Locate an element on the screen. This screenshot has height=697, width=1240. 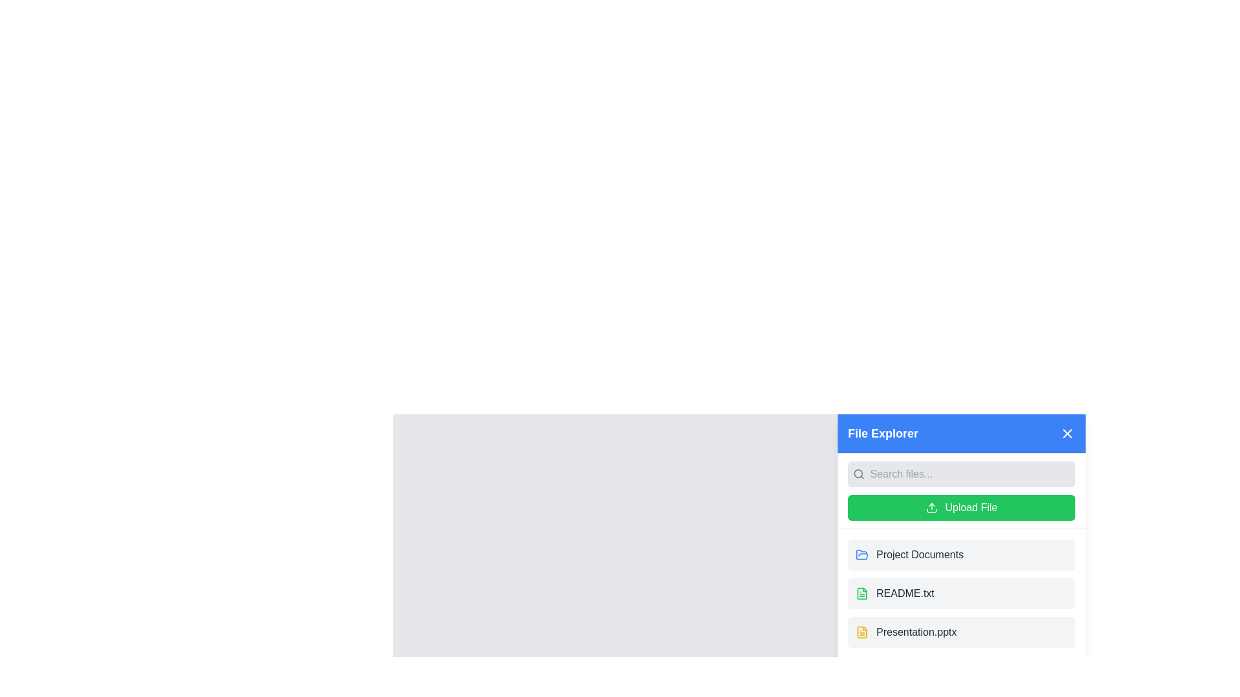
the text label 'Presentation.pptx' in the File Explorer panel is located at coordinates (916, 631).